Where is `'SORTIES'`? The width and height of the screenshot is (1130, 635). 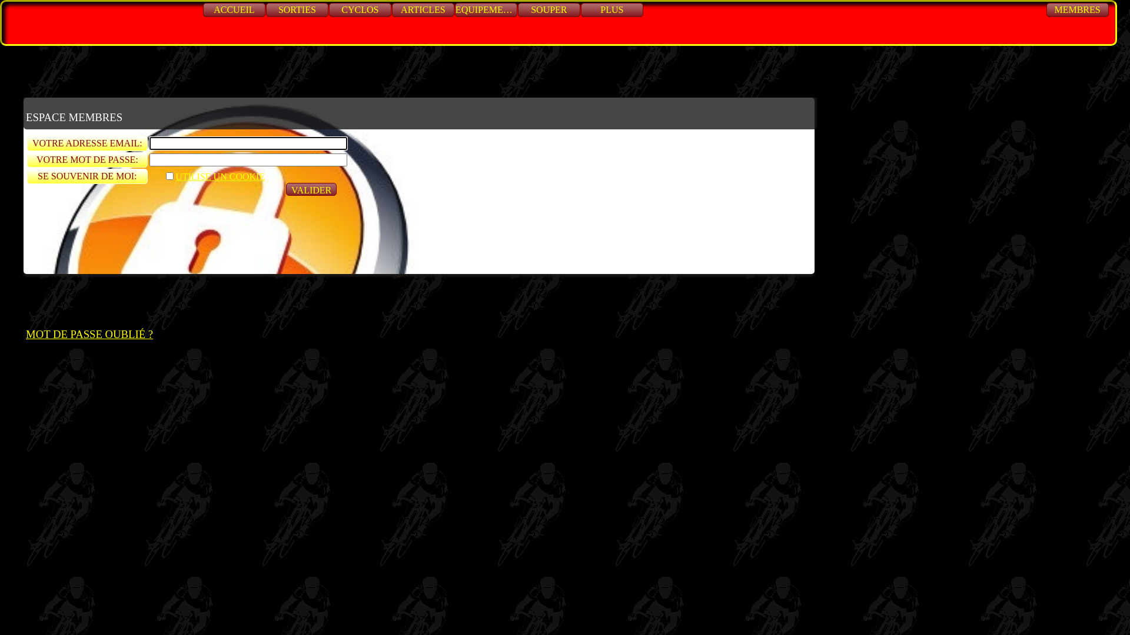 'SORTIES' is located at coordinates (265, 9).